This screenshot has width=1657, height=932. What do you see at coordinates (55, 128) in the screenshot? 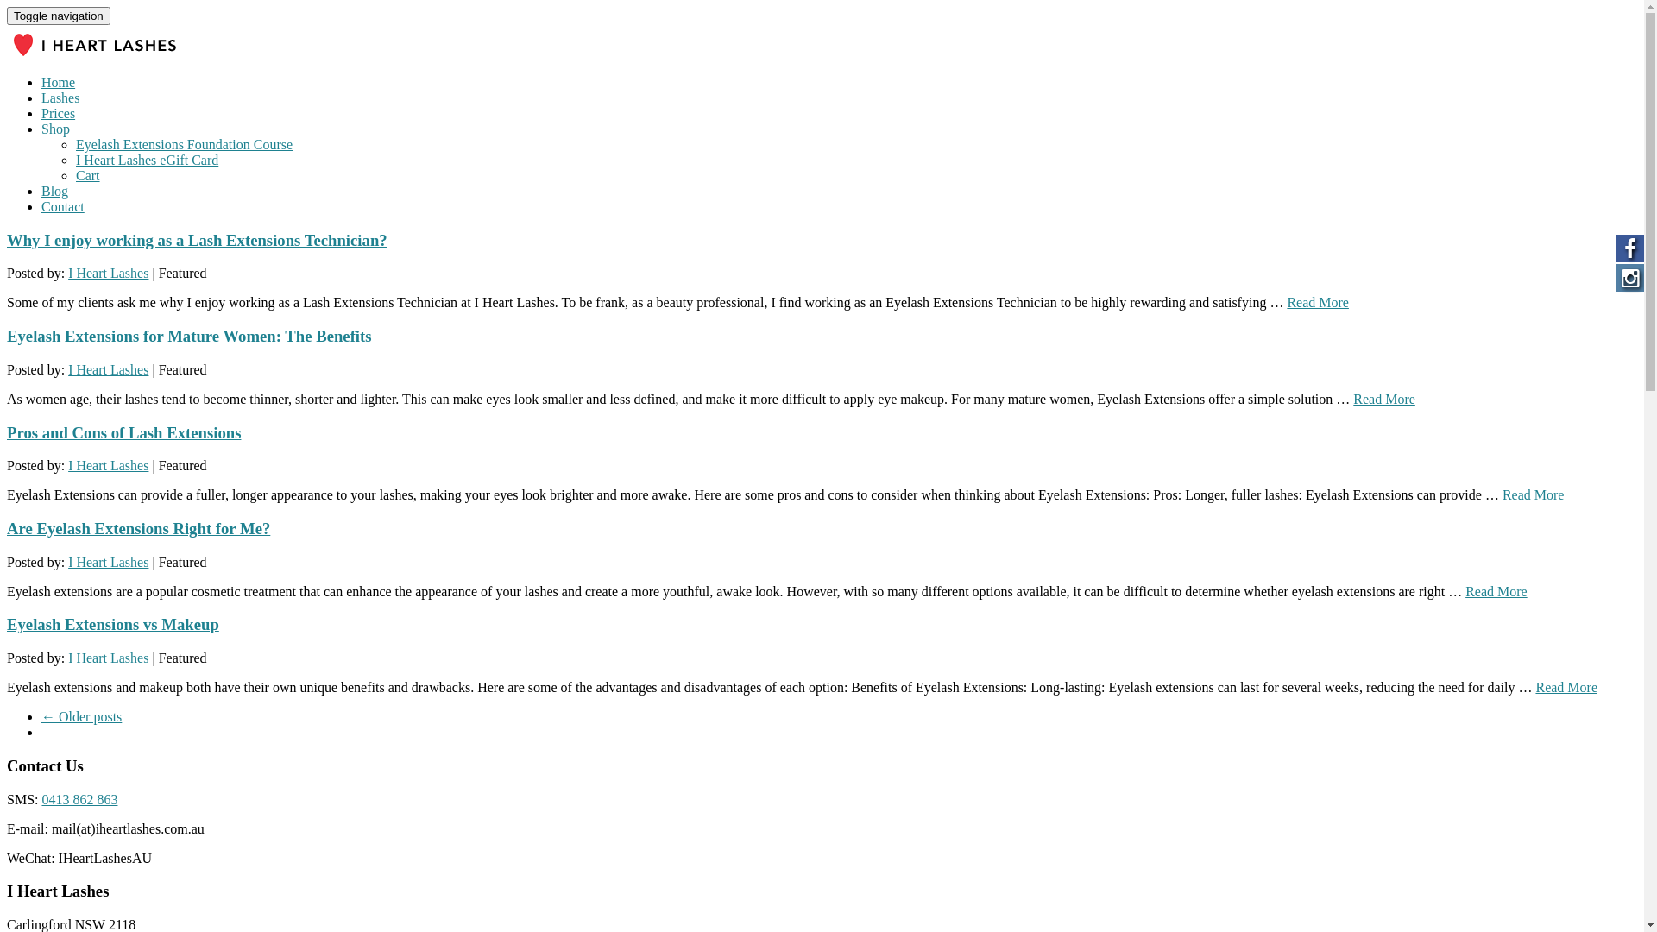
I see `'Shop'` at bounding box center [55, 128].